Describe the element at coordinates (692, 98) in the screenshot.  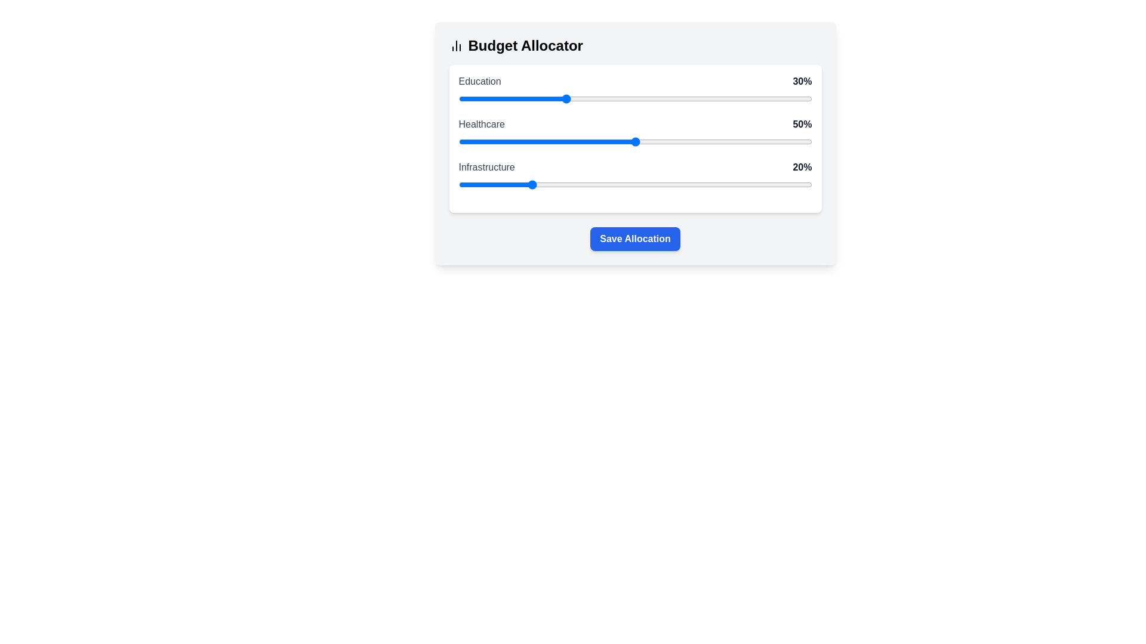
I see `the education slider` at that location.